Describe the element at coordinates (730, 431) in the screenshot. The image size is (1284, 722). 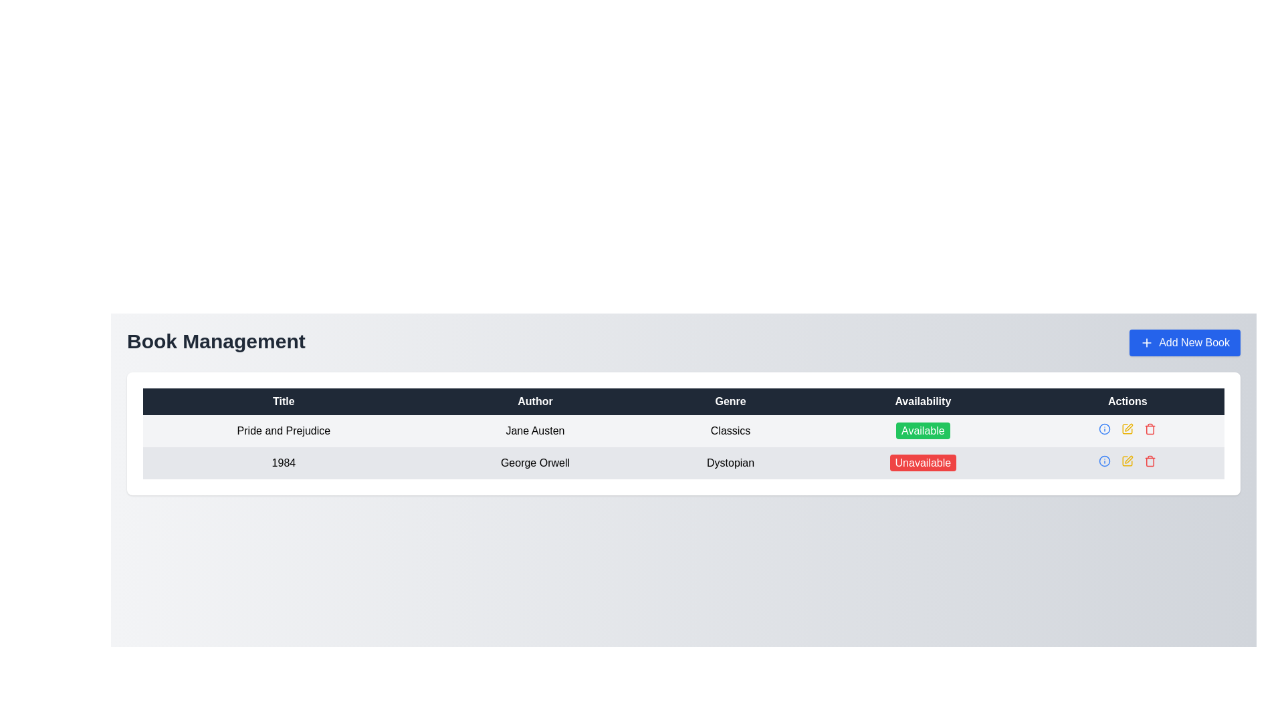
I see `the text label indicating the genre category of a book, located in the third column of the first row of the table, situated between the 'Jane Austen' text and the 'Available' status indicator` at that location.